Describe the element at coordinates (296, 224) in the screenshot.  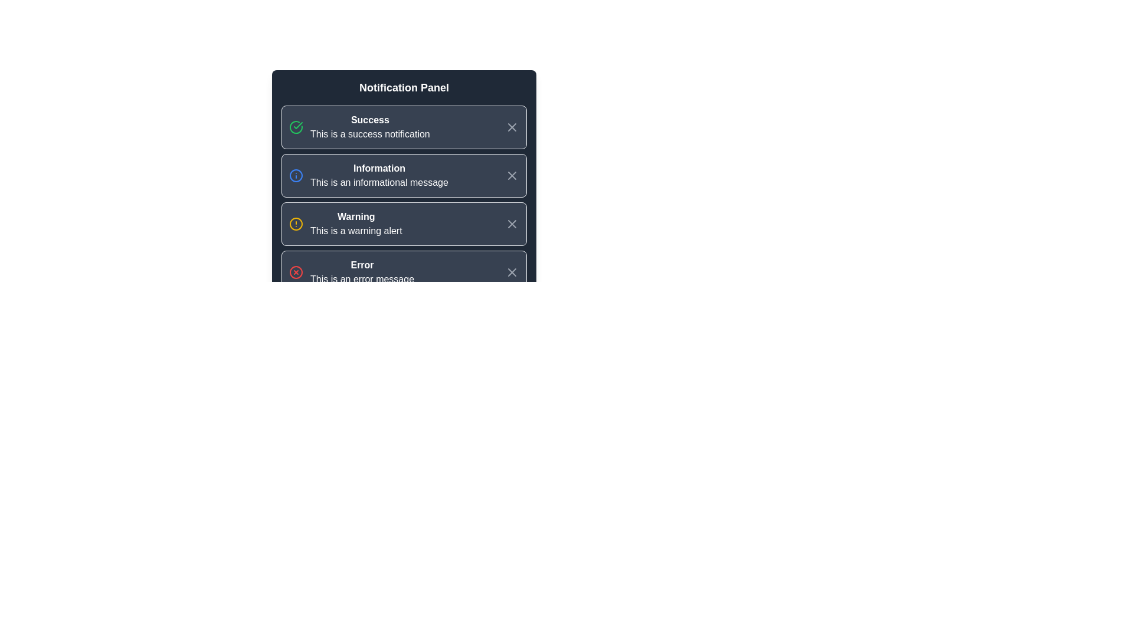
I see `the yellow circular warning icon with an exclamation mark, which is located in the notification panel to the left of the warning message text` at that location.